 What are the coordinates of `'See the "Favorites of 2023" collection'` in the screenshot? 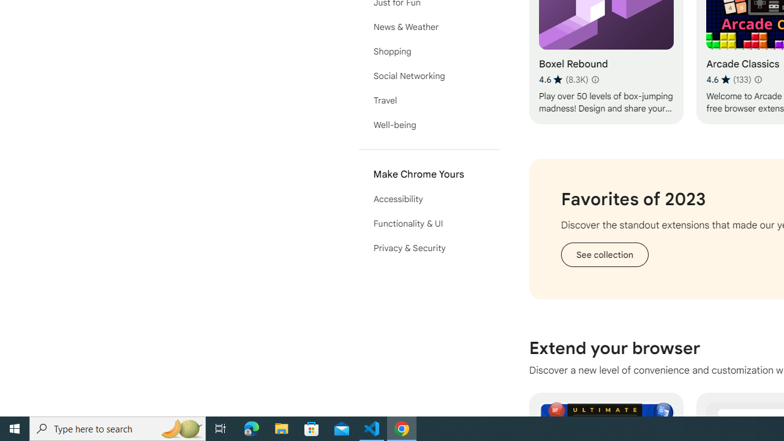 It's located at (604, 254).